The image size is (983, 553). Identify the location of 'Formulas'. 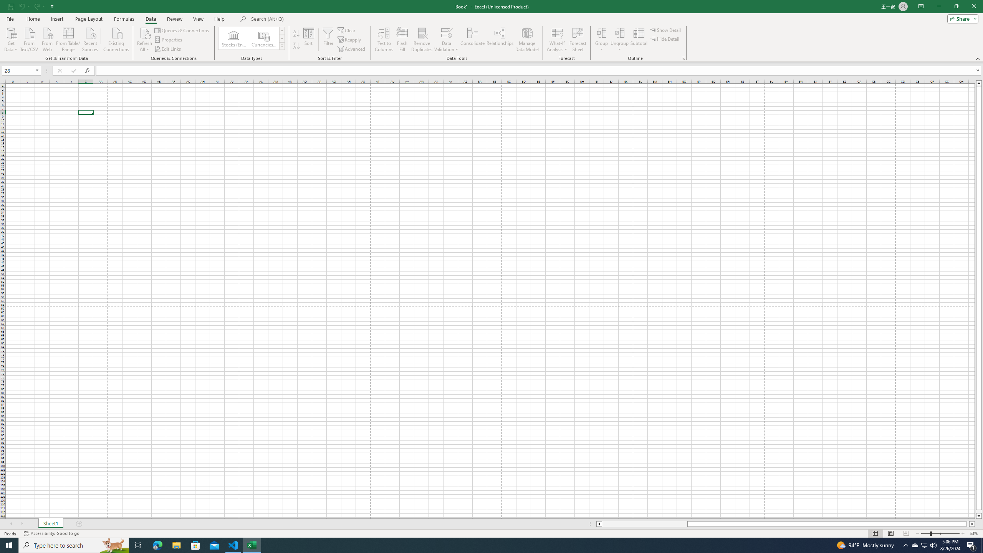
(125, 19).